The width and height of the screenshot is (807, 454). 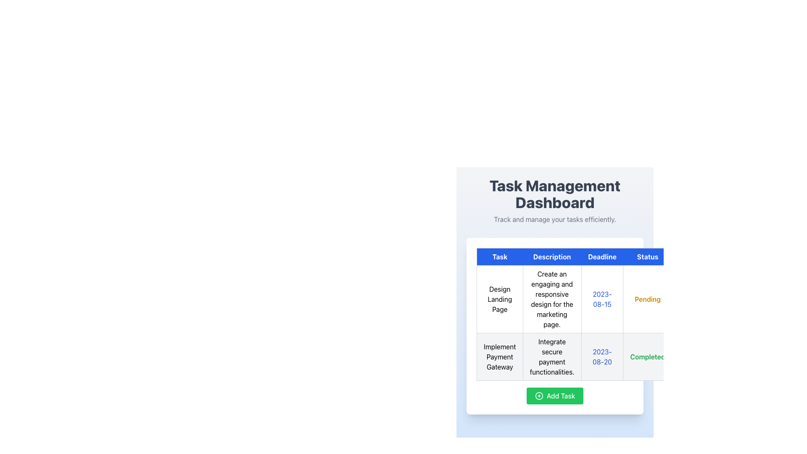 I want to click on the second row in the task management table that contains the task 'Implement Payment Gateway', so click(x=593, y=356).